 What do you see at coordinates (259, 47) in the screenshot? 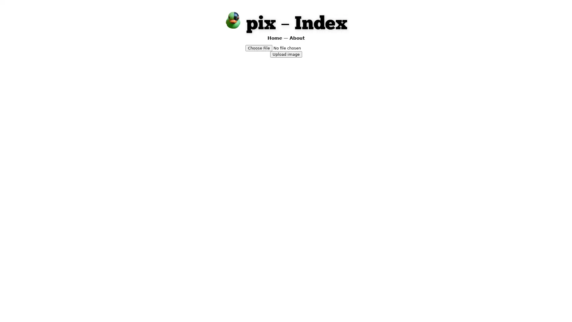
I see `Choose File` at bounding box center [259, 47].